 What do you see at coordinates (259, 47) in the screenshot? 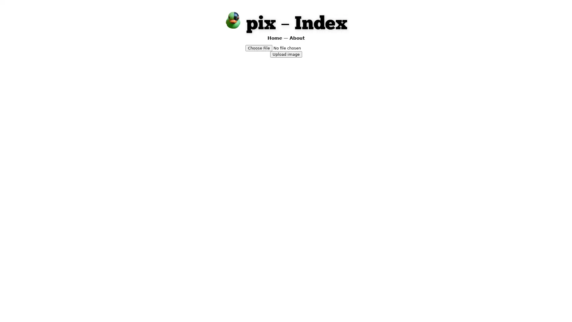
I see `Choose File` at bounding box center [259, 47].